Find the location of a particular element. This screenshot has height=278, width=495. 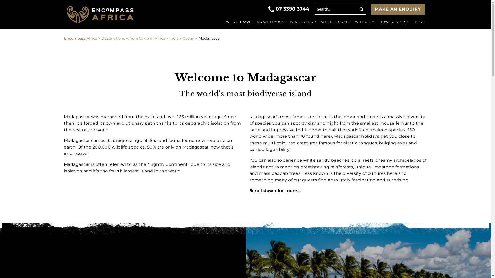

'Search for:' is located at coordinates (340, 9).